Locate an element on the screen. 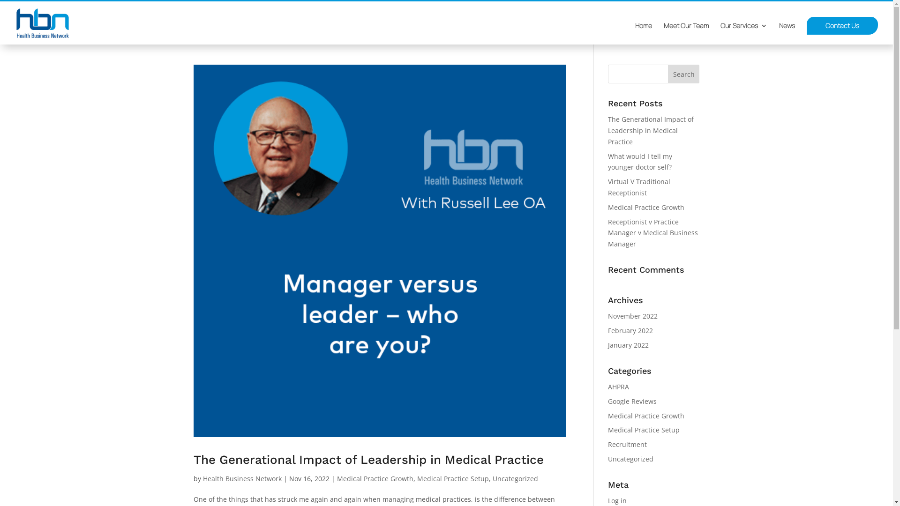 This screenshot has height=506, width=900. 'Home' is located at coordinates (643, 33).